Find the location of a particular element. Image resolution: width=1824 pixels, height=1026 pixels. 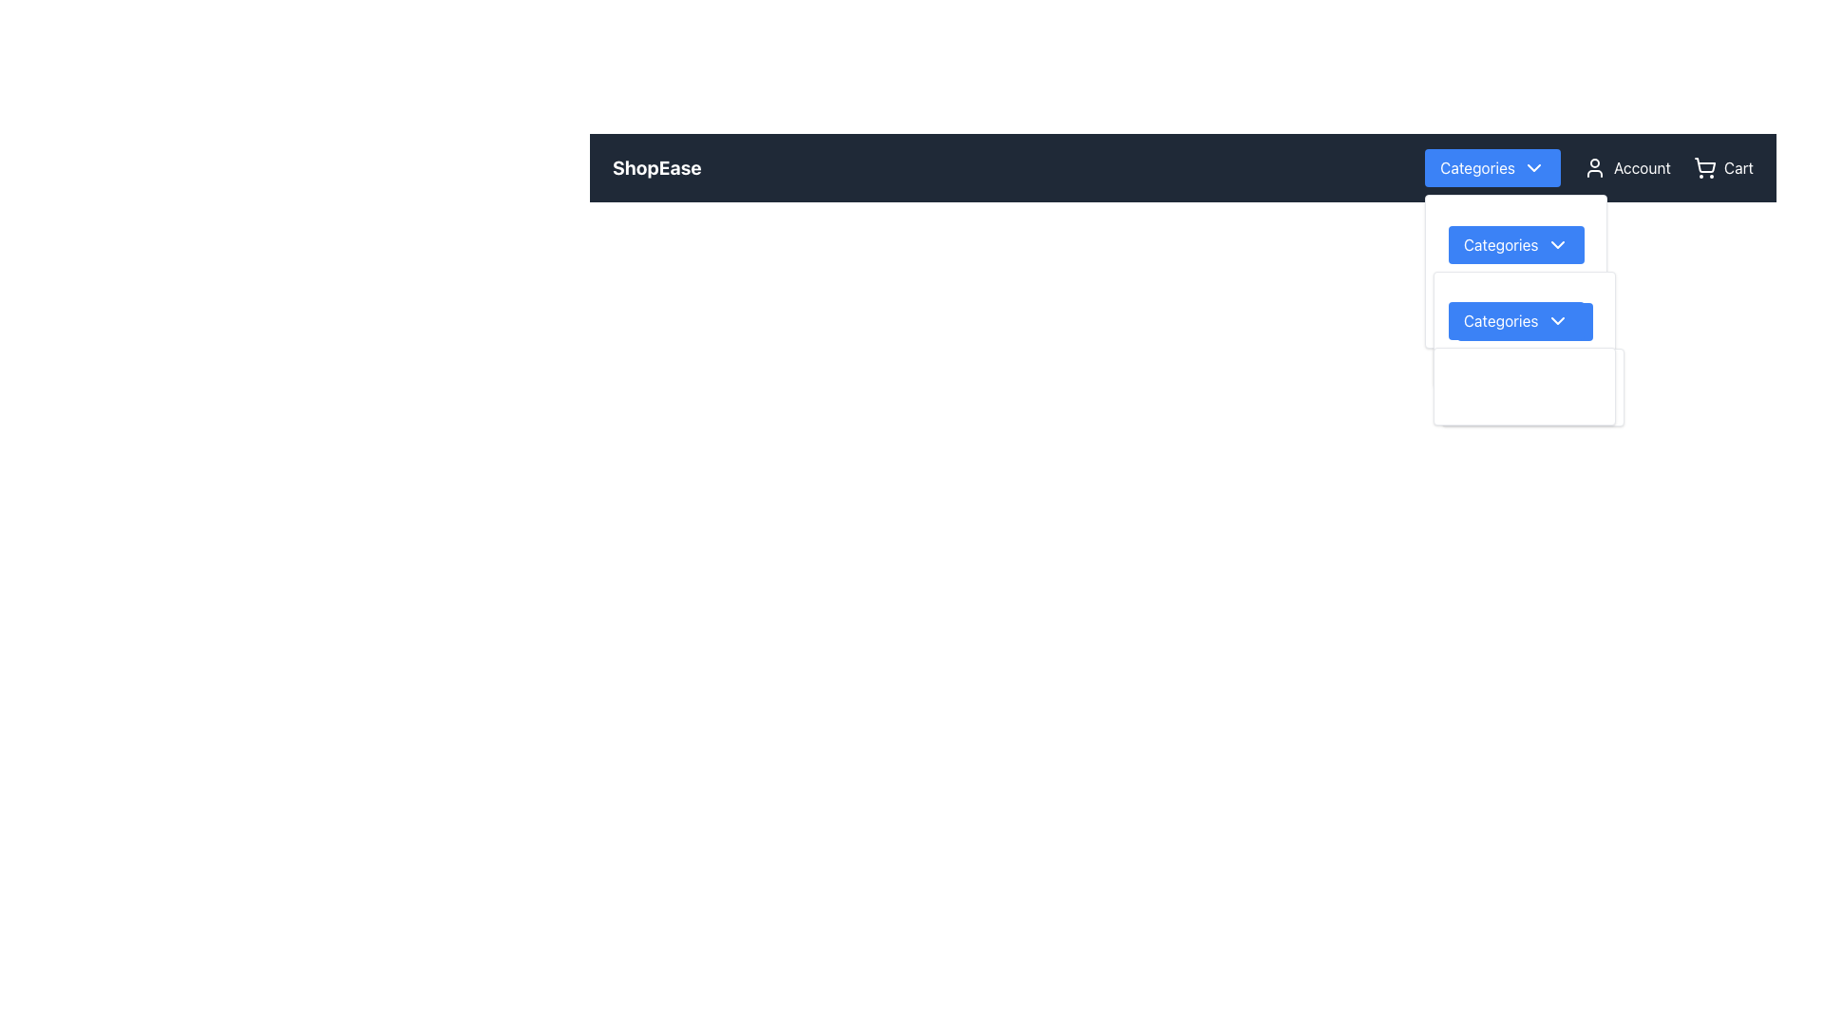

the 'Categories' button is located at coordinates (1500, 320).